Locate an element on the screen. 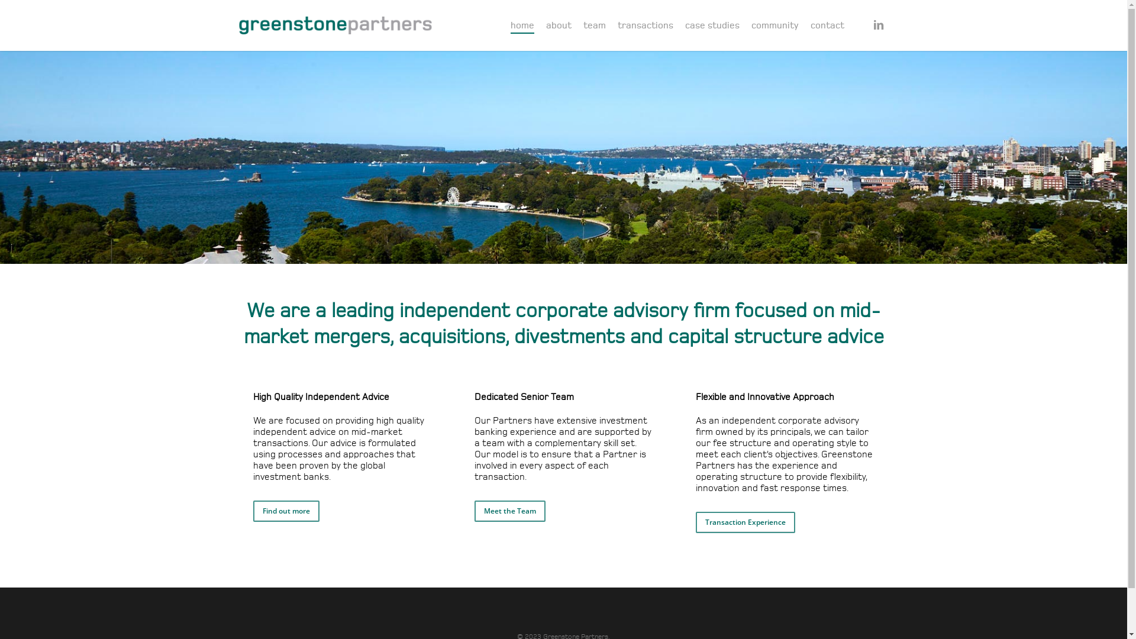 This screenshot has height=639, width=1136. 'Transaction Experience' is located at coordinates (744, 522).